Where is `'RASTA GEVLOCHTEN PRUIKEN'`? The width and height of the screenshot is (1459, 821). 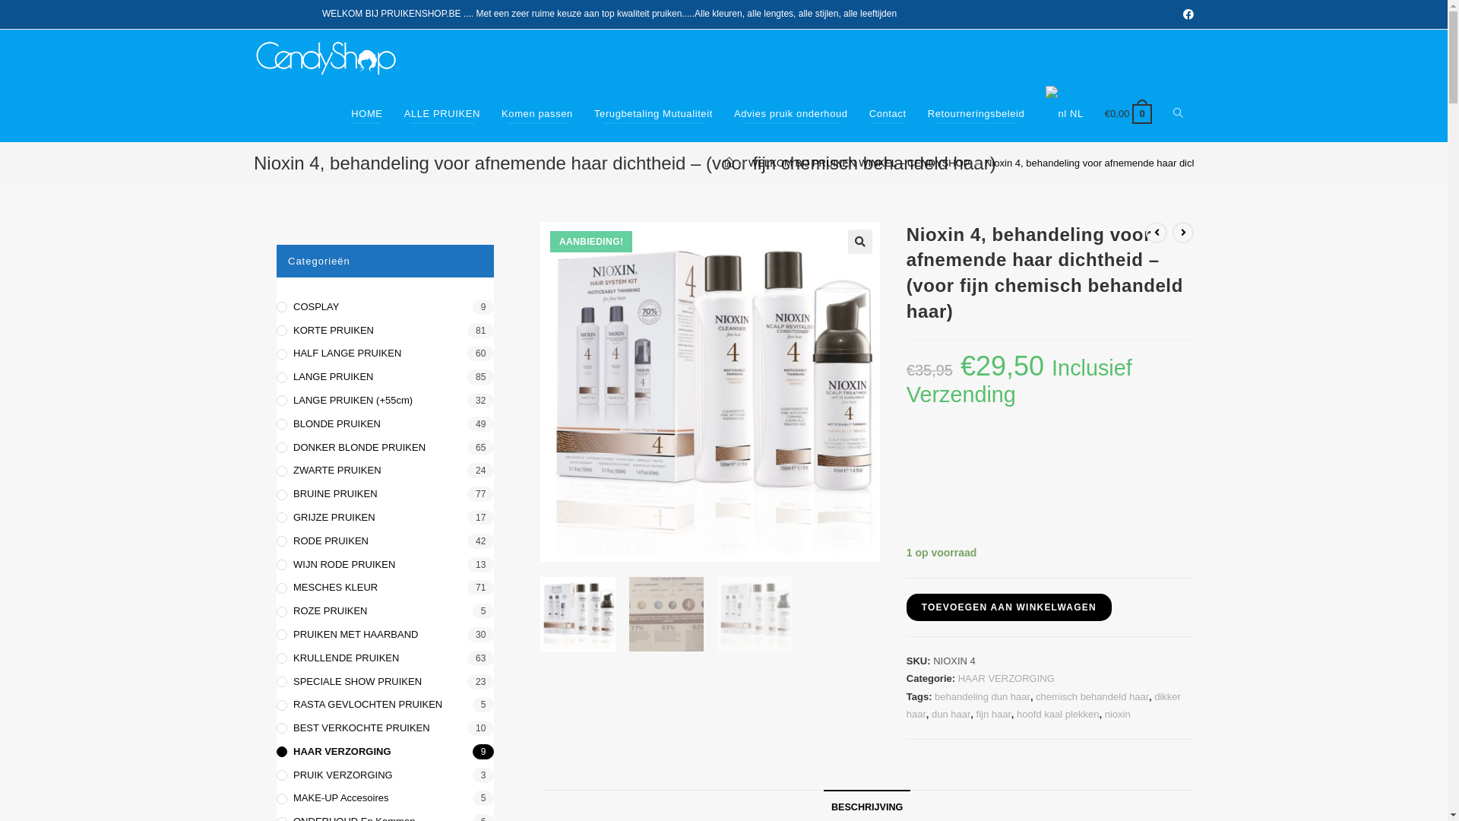
'RASTA GEVLOCHTEN PRUIKEN' is located at coordinates (385, 705).